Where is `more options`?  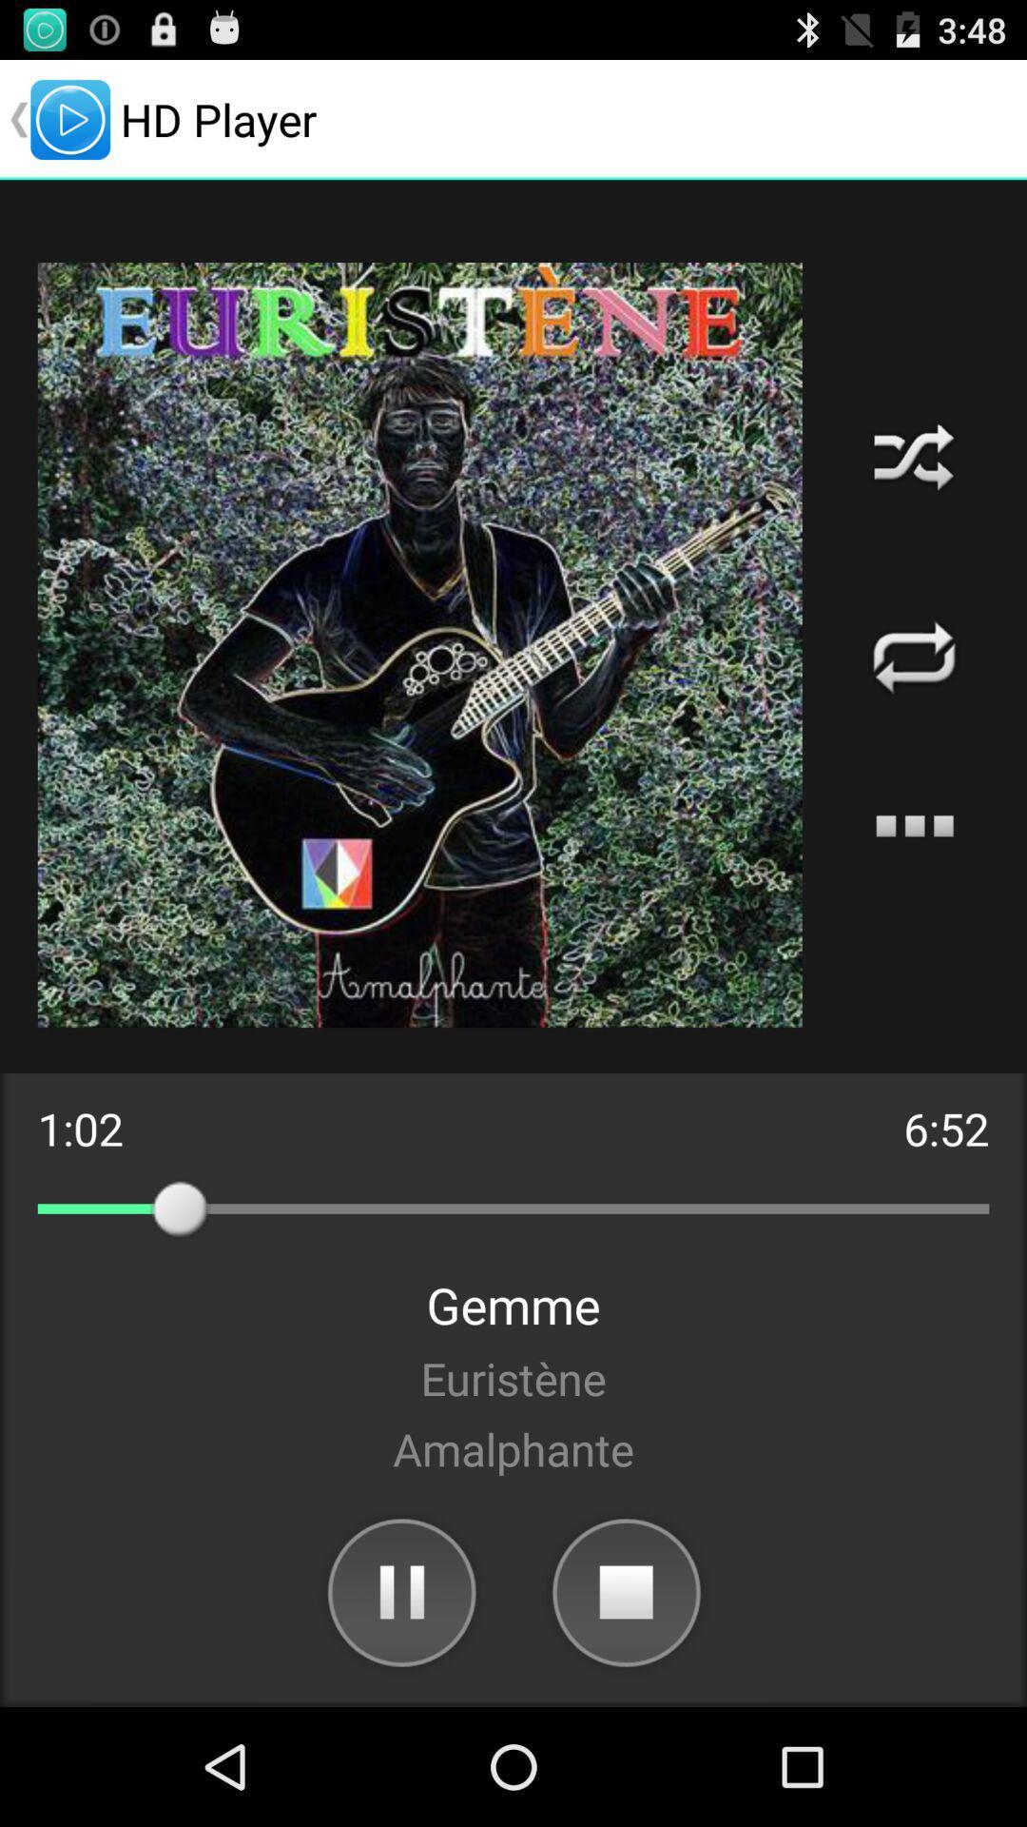
more options is located at coordinates (913, 826).